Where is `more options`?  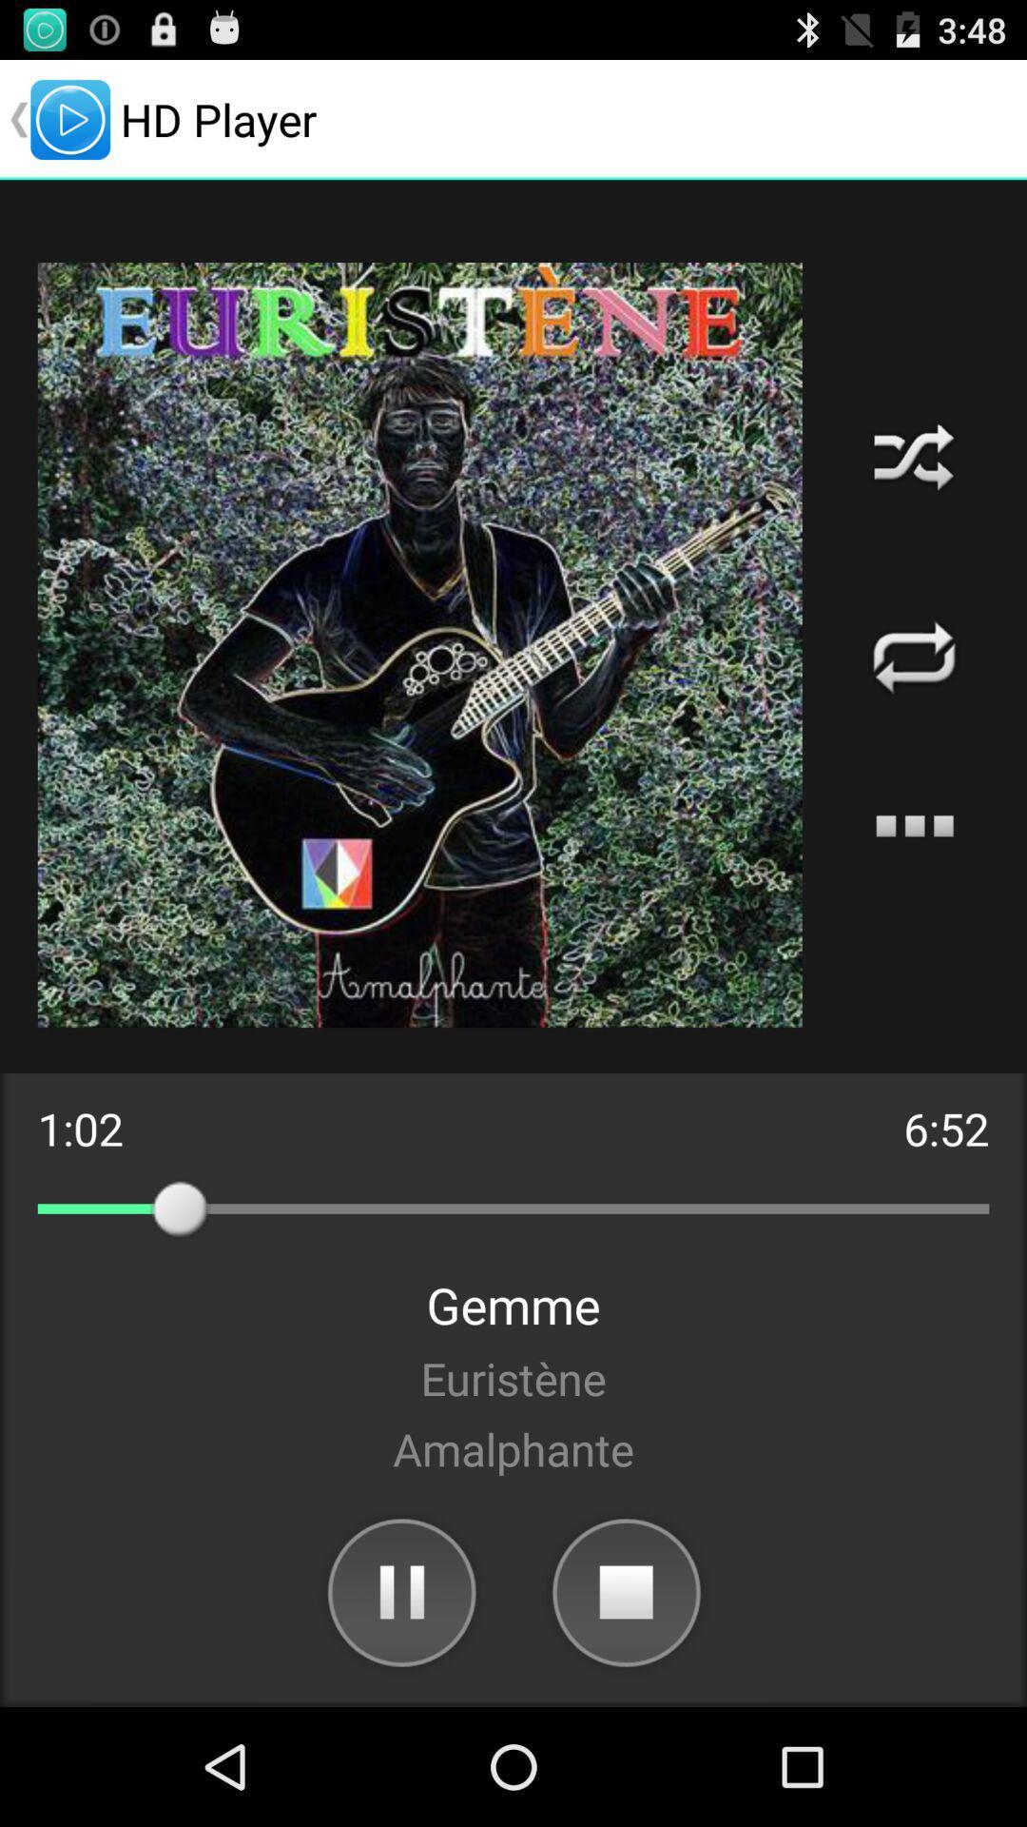
more options is located at coordinates (913, 826).